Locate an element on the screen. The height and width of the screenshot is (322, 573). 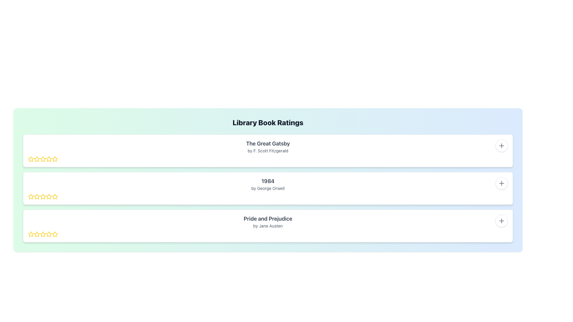
the fifth yellow star icon in the rating system for 'Pride and Prejudice' is located at coordinates (49, 234).